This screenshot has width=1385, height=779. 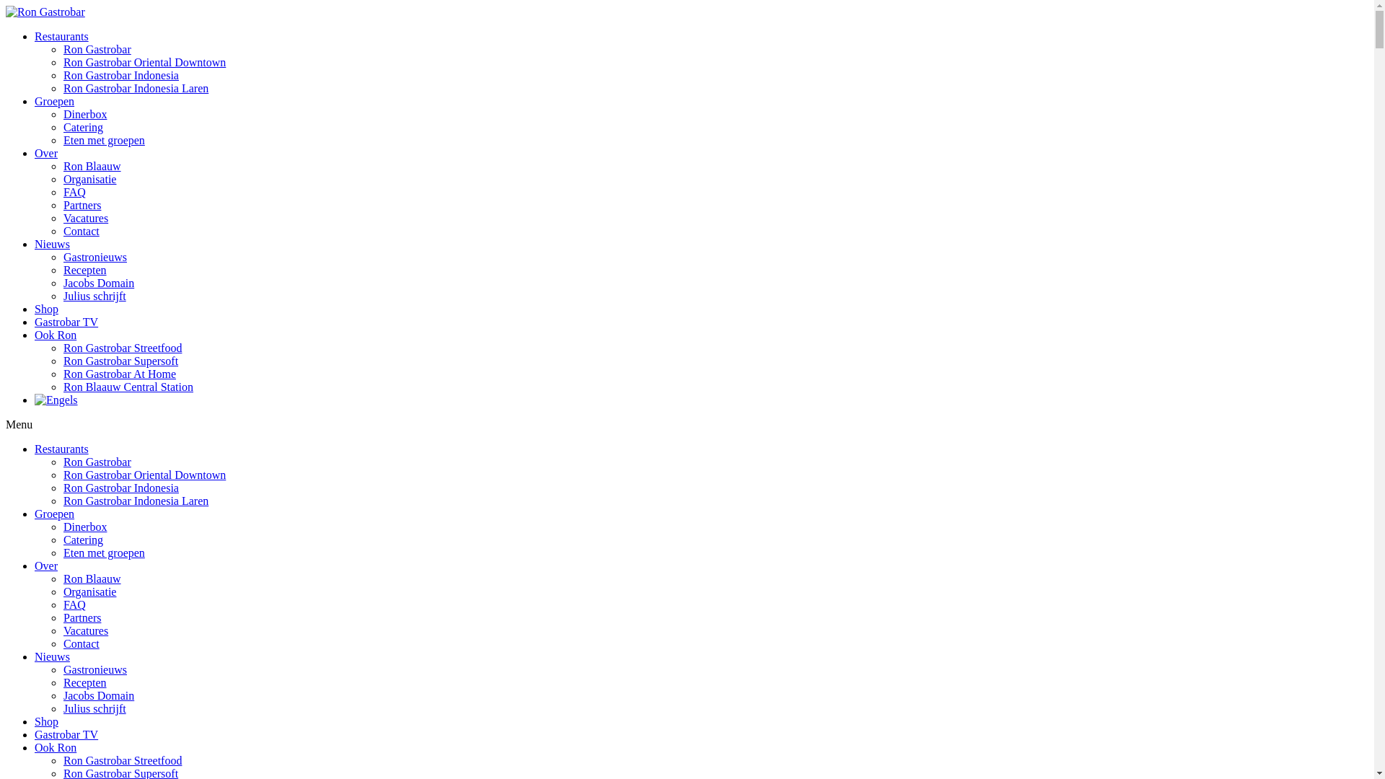 What do you see at coordinates (52, 656) in the screenshot?
I see `'Nieuws'` at bounding box center [52, 656].